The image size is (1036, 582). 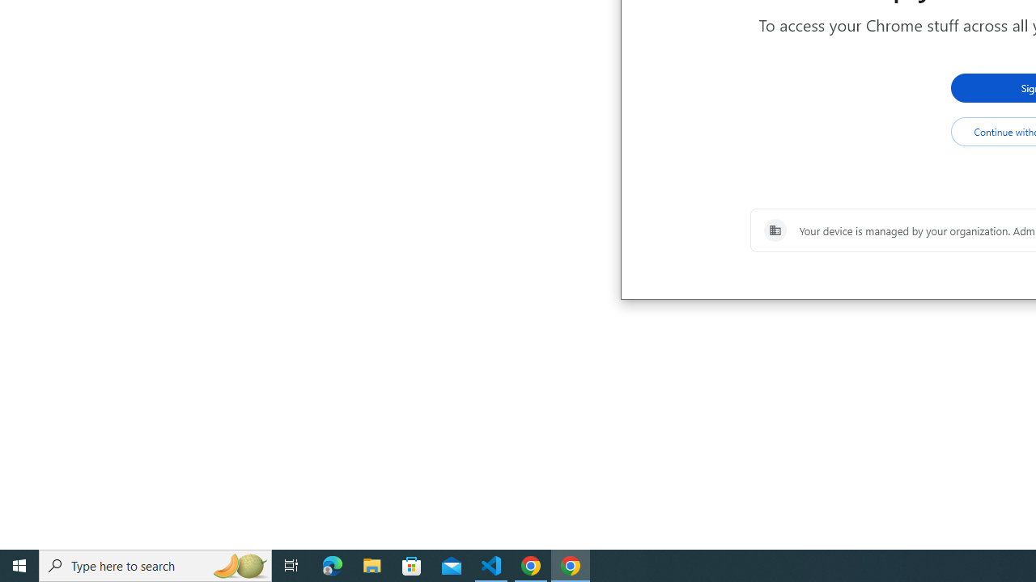 I want to click on 'Google Chrome - 1 running window', so click(x=571, y=564).